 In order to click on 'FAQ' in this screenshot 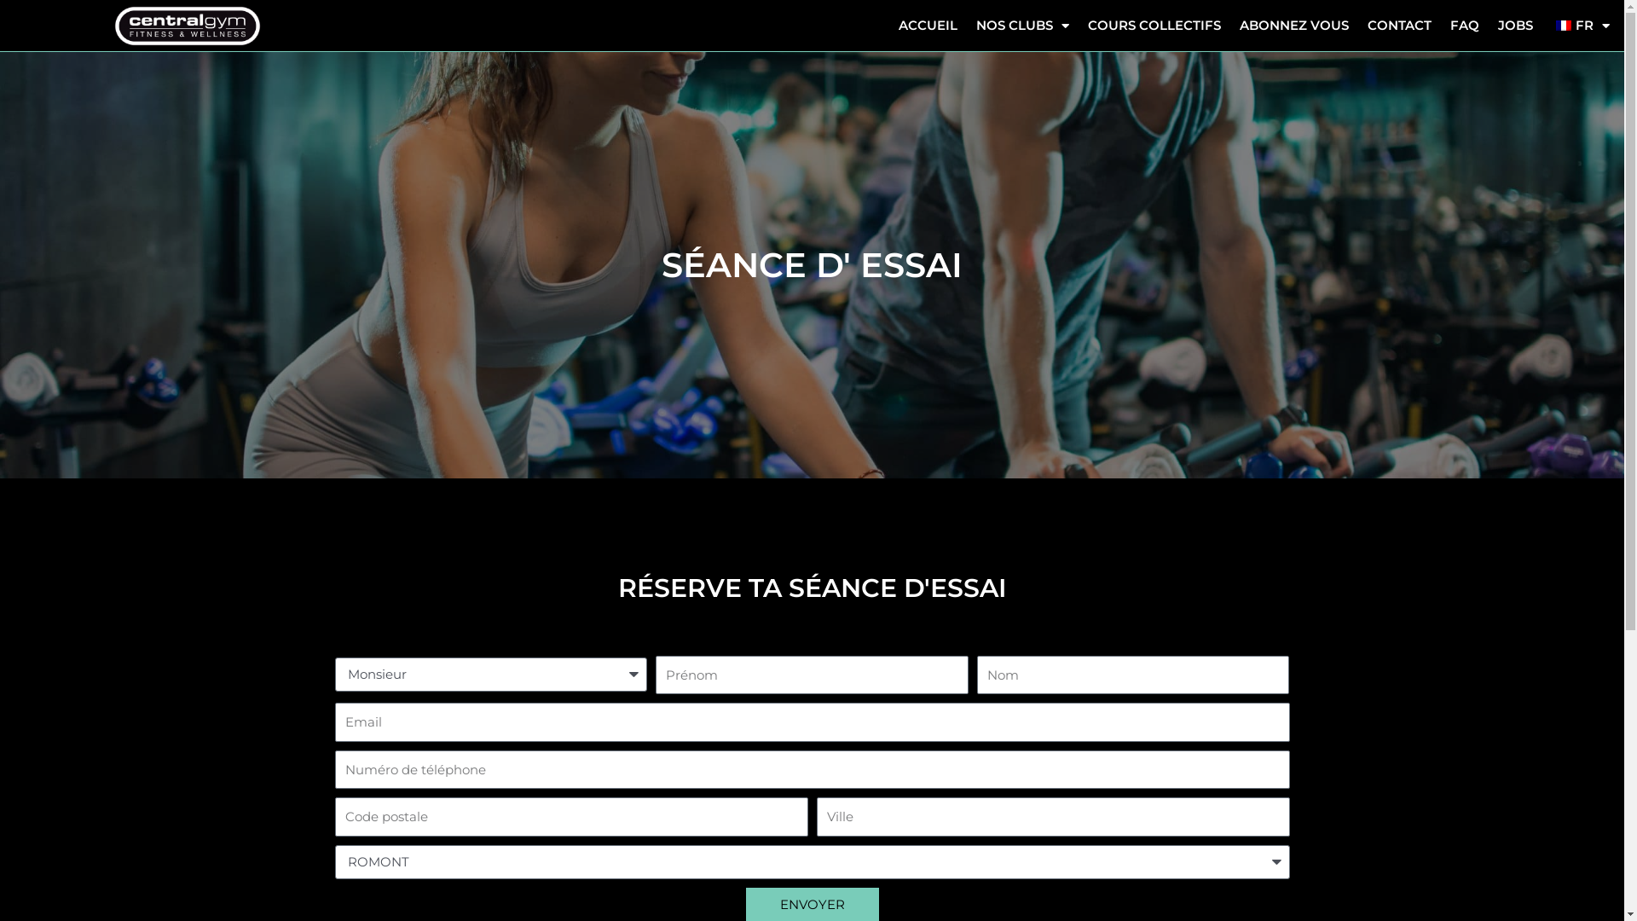, I will do `click(1464, 26)`.